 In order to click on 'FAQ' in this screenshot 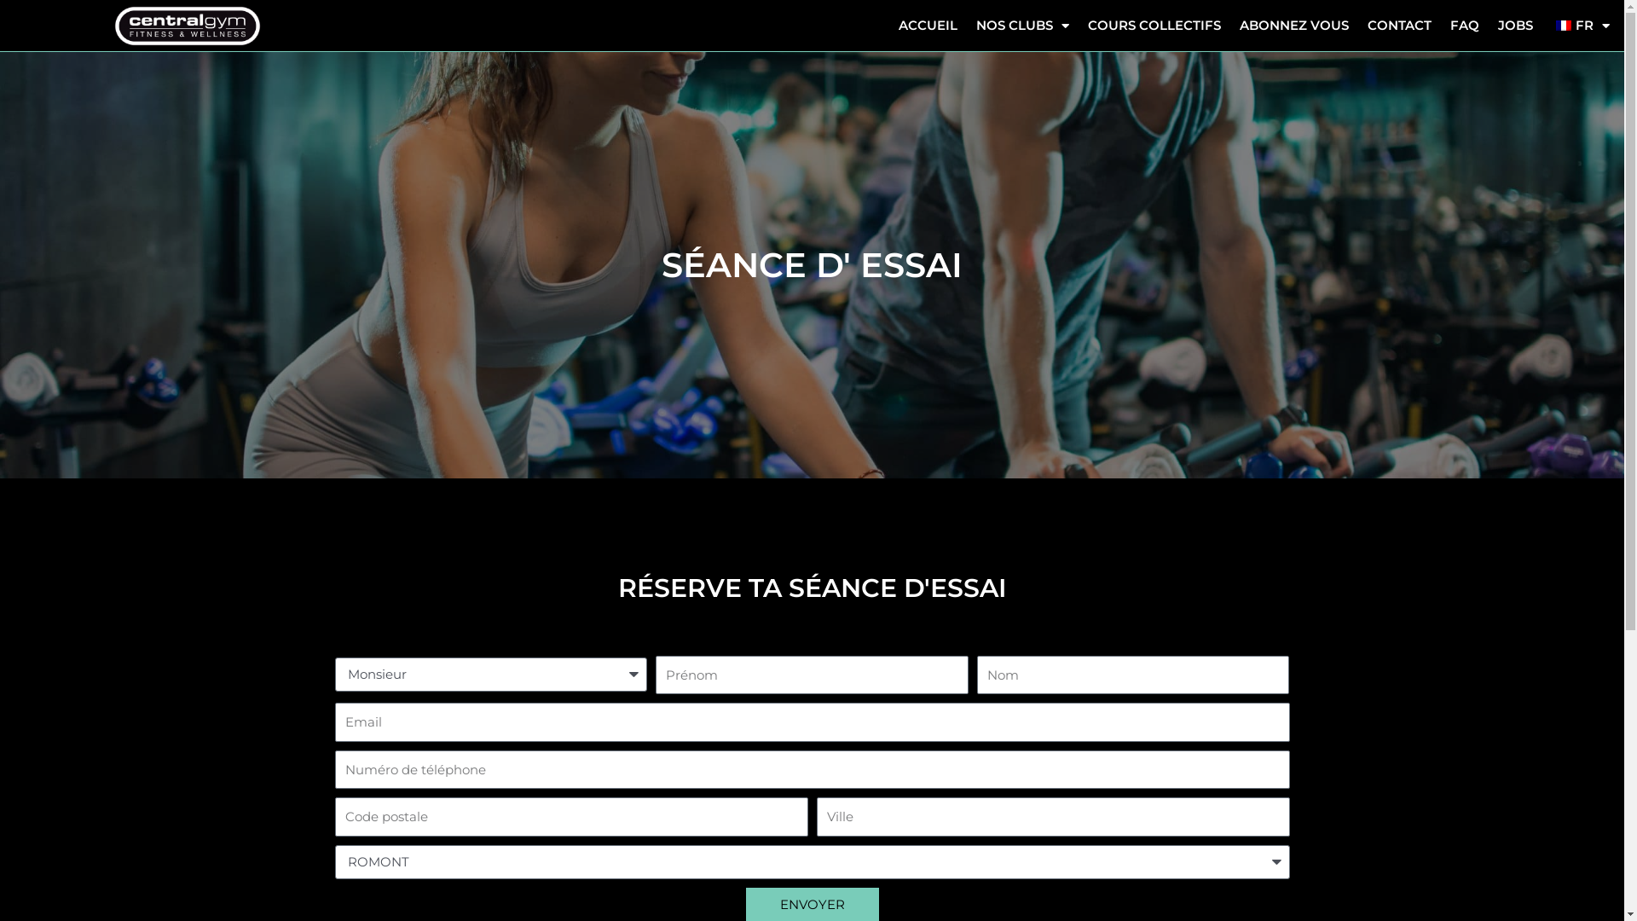, I will do `click(1464, 26)`.